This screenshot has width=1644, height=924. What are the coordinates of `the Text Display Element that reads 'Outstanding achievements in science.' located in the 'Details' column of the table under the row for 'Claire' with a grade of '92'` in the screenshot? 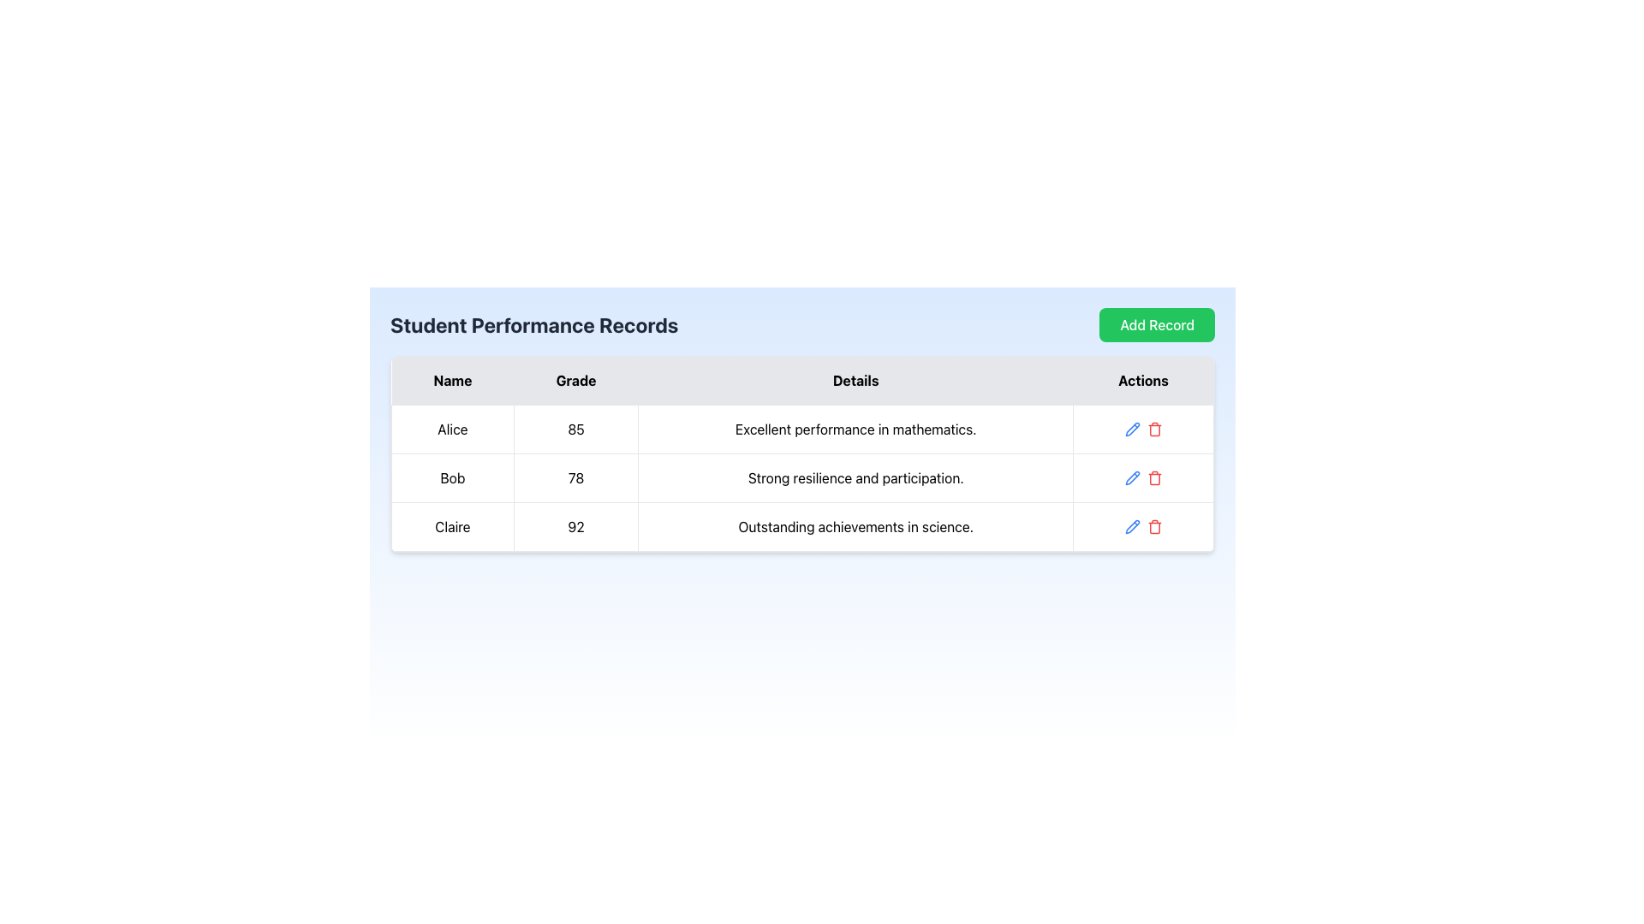 It's located at (855, 526).